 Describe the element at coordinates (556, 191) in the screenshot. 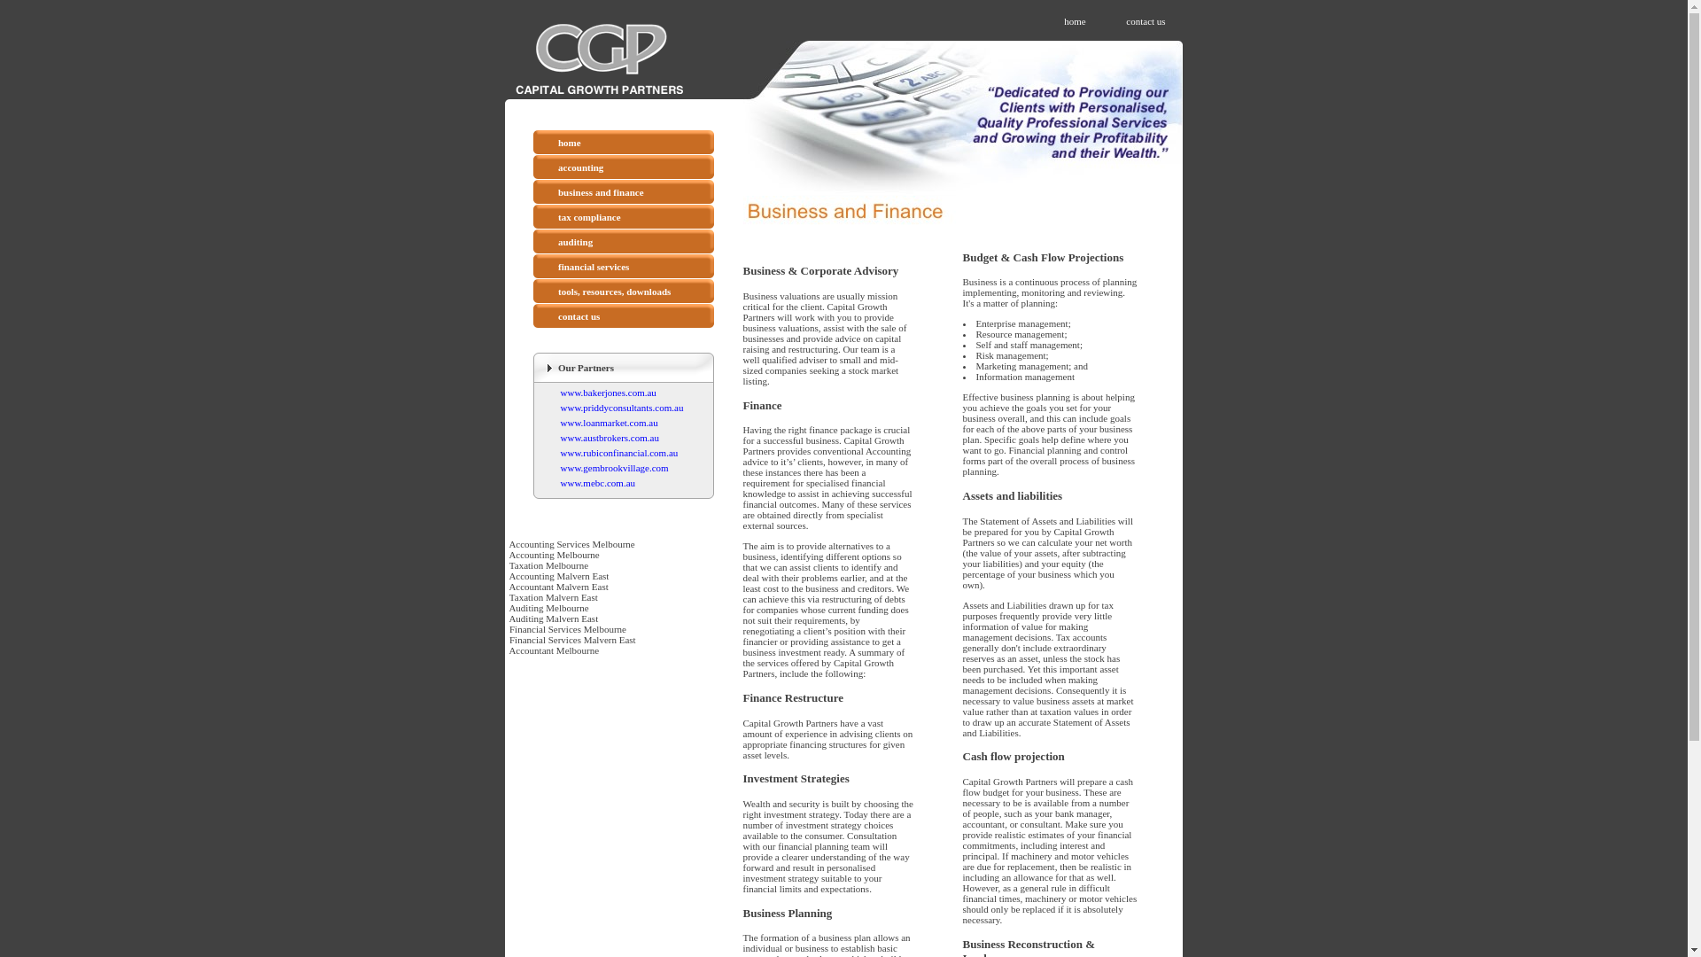

I see `'business and finance'` at that location.